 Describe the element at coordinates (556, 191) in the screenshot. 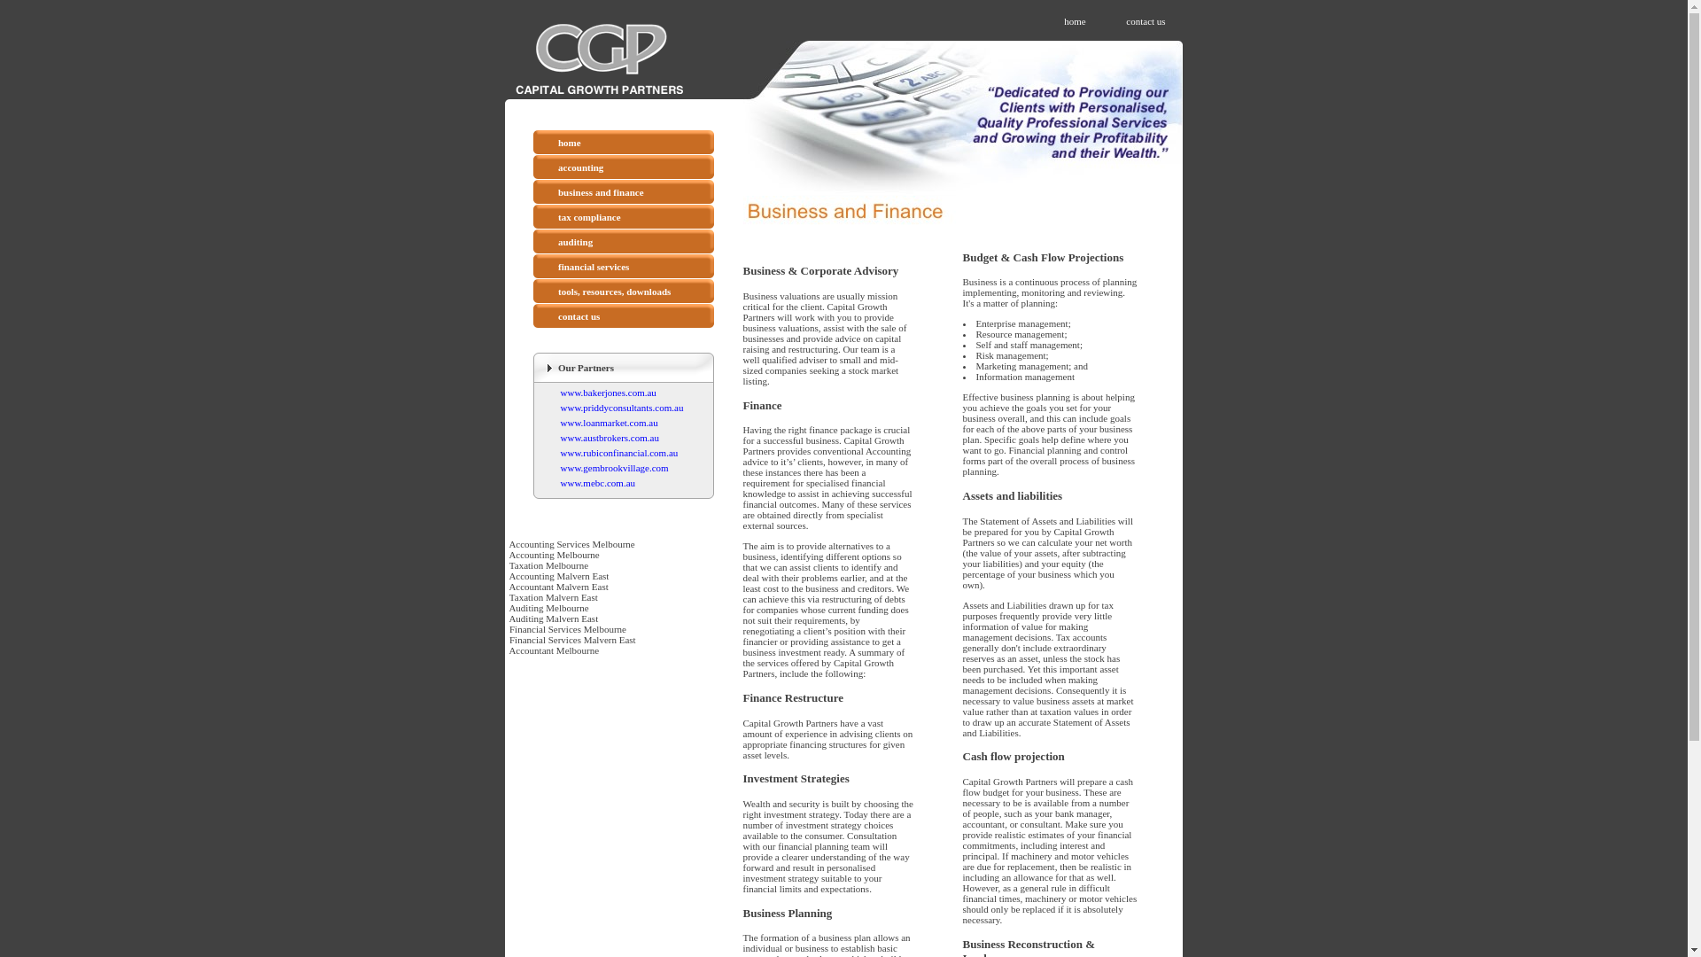

I see `'business and finance'` at that location.